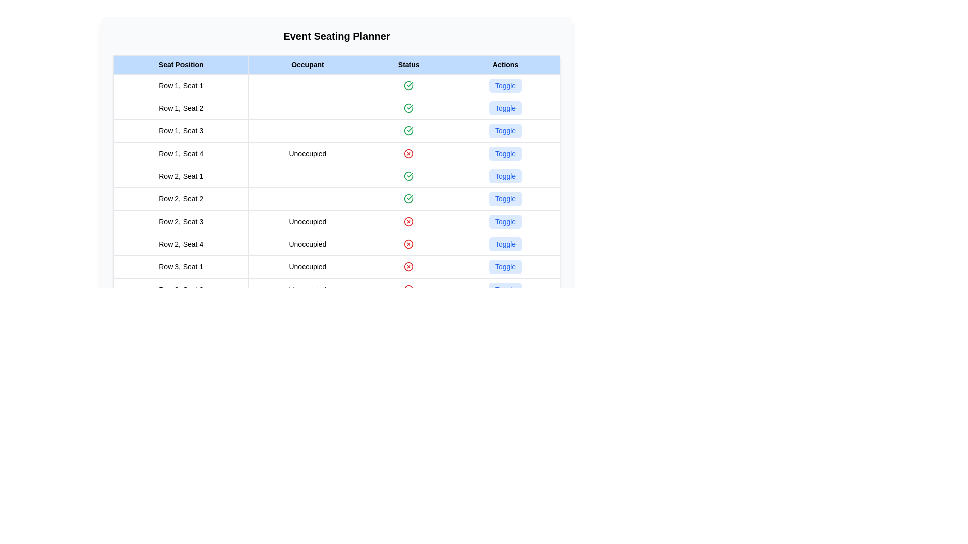 The height and width of the screenshot is (544, 968). I want to click on the toggle button located in the 'Actions' column of the 'Event Seating Planner' table, specifically for 'Row 3, Seat 4', so click(505, 289).